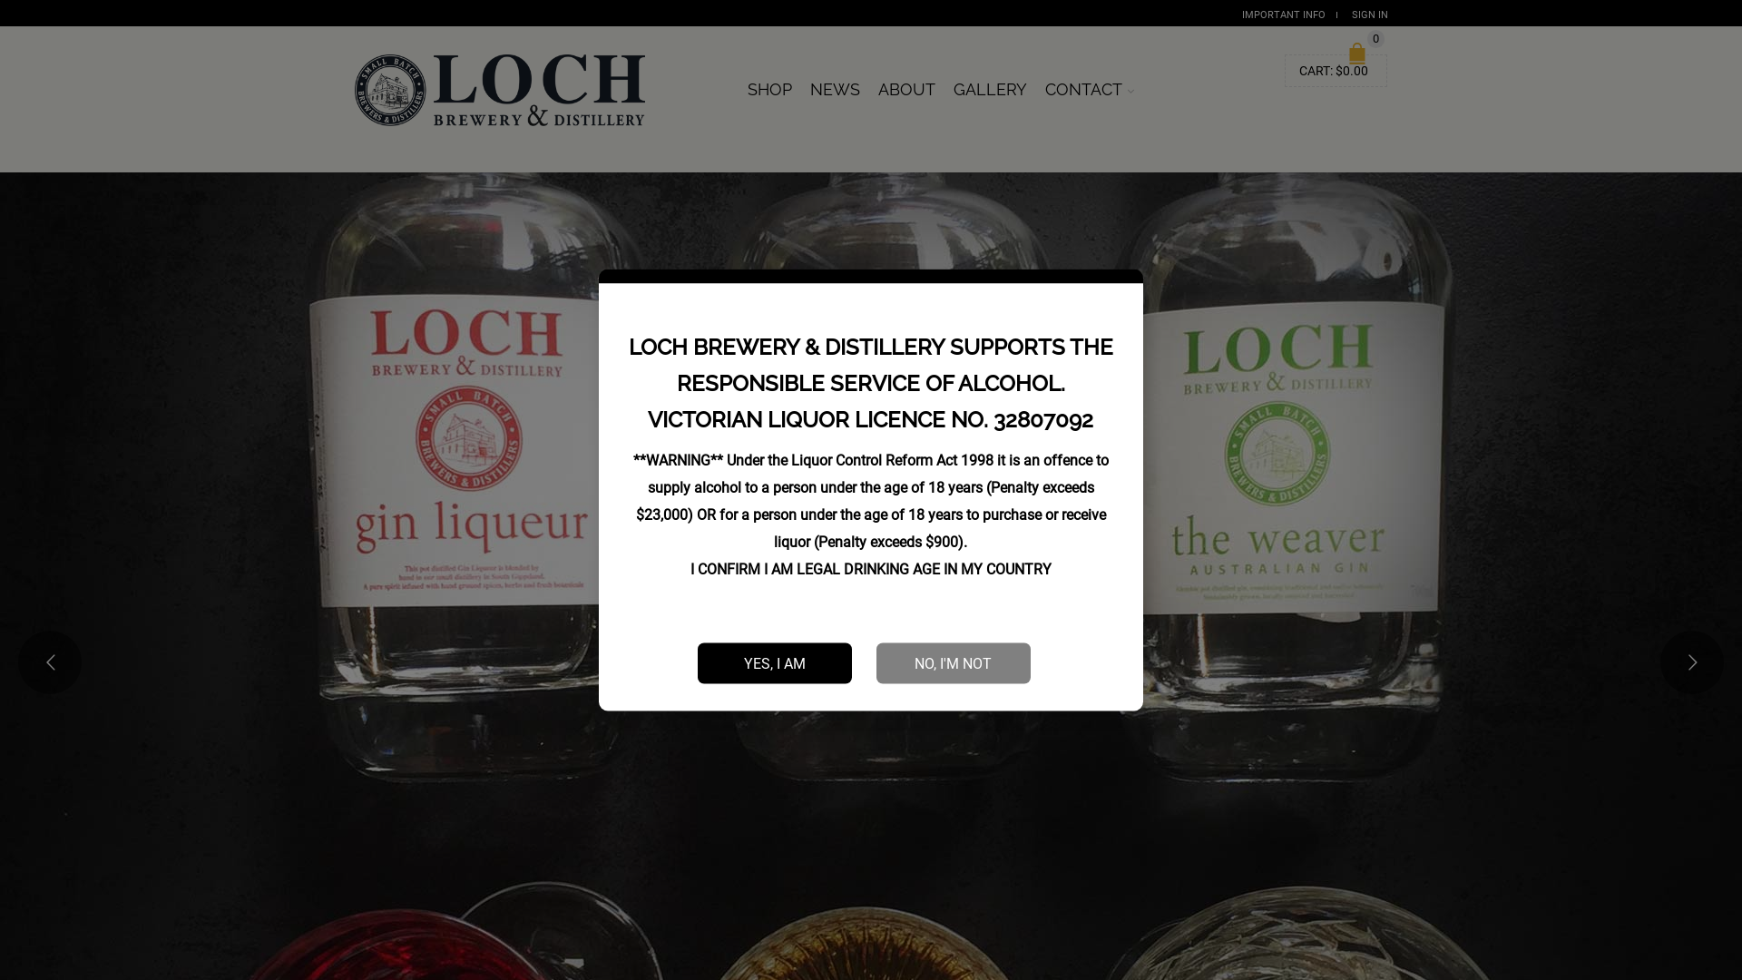  What do you see at coordinates (1089, 90) in the screenshot?
I see `'CONTACT'` at bounding box center [1089, 90].